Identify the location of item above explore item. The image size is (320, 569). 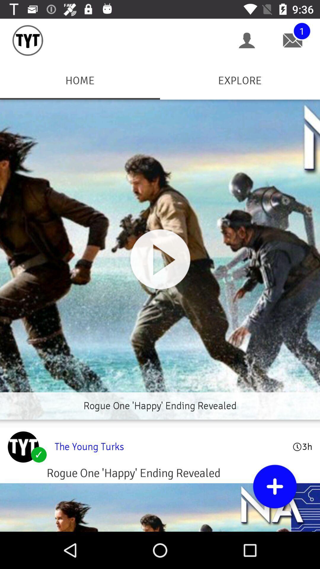
(247, 40).